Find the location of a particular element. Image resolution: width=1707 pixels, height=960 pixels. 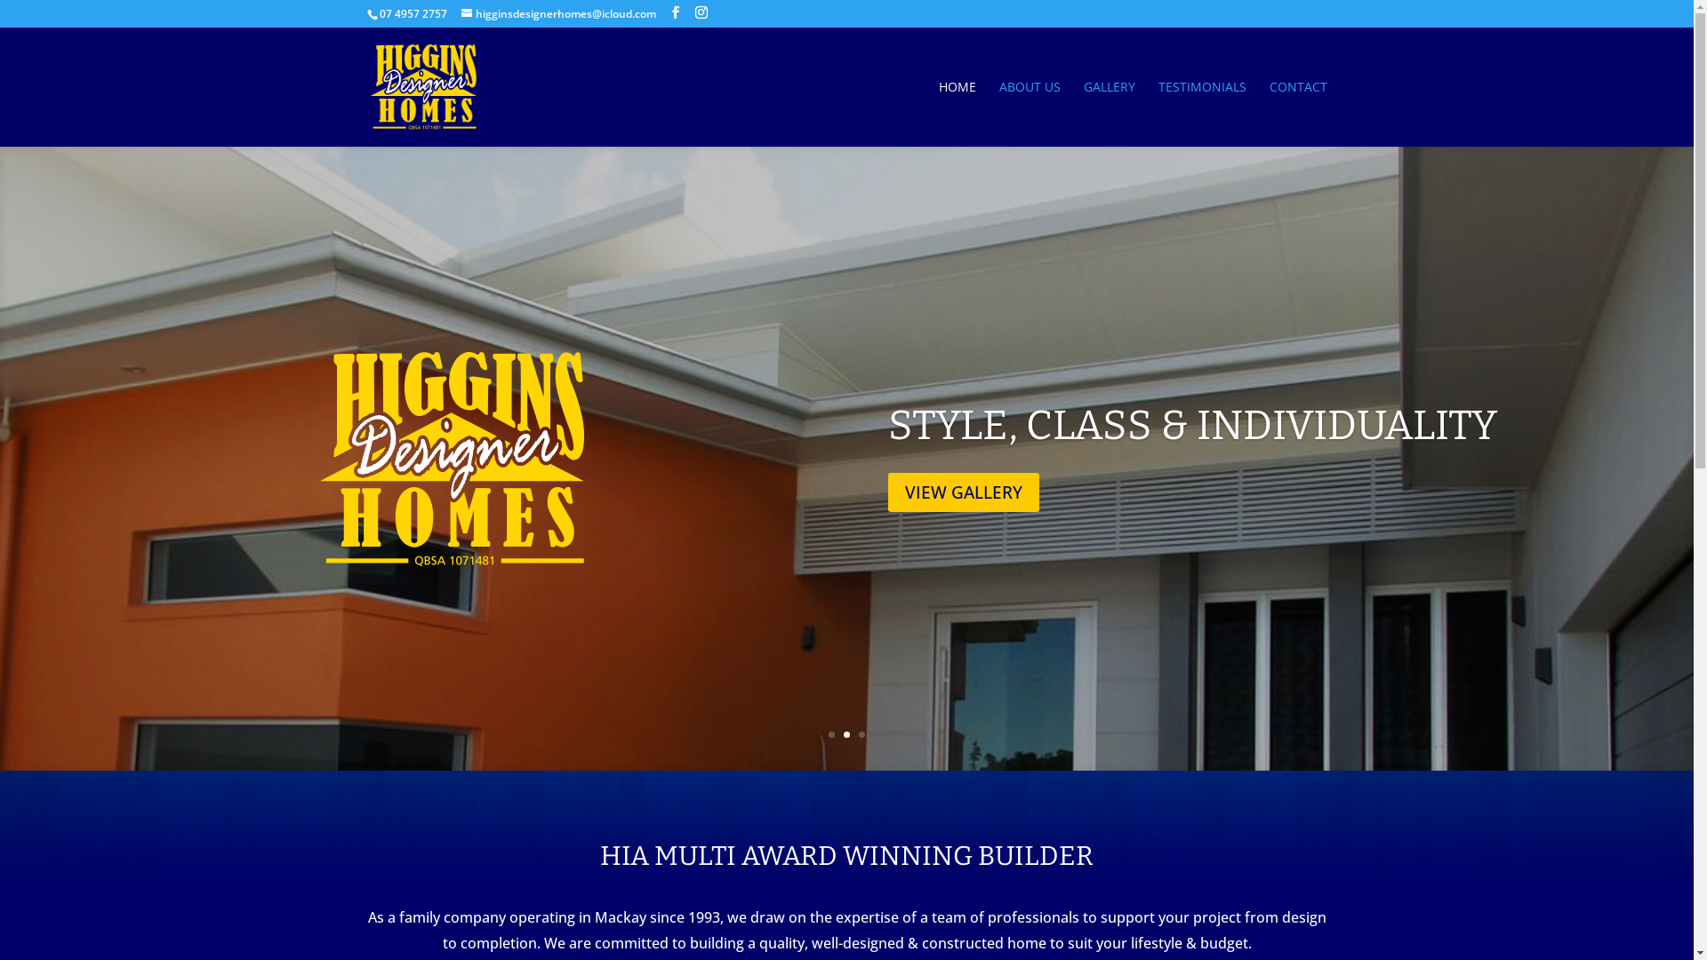

'VIEW GALLERY' is located at coordinates (963, 492).